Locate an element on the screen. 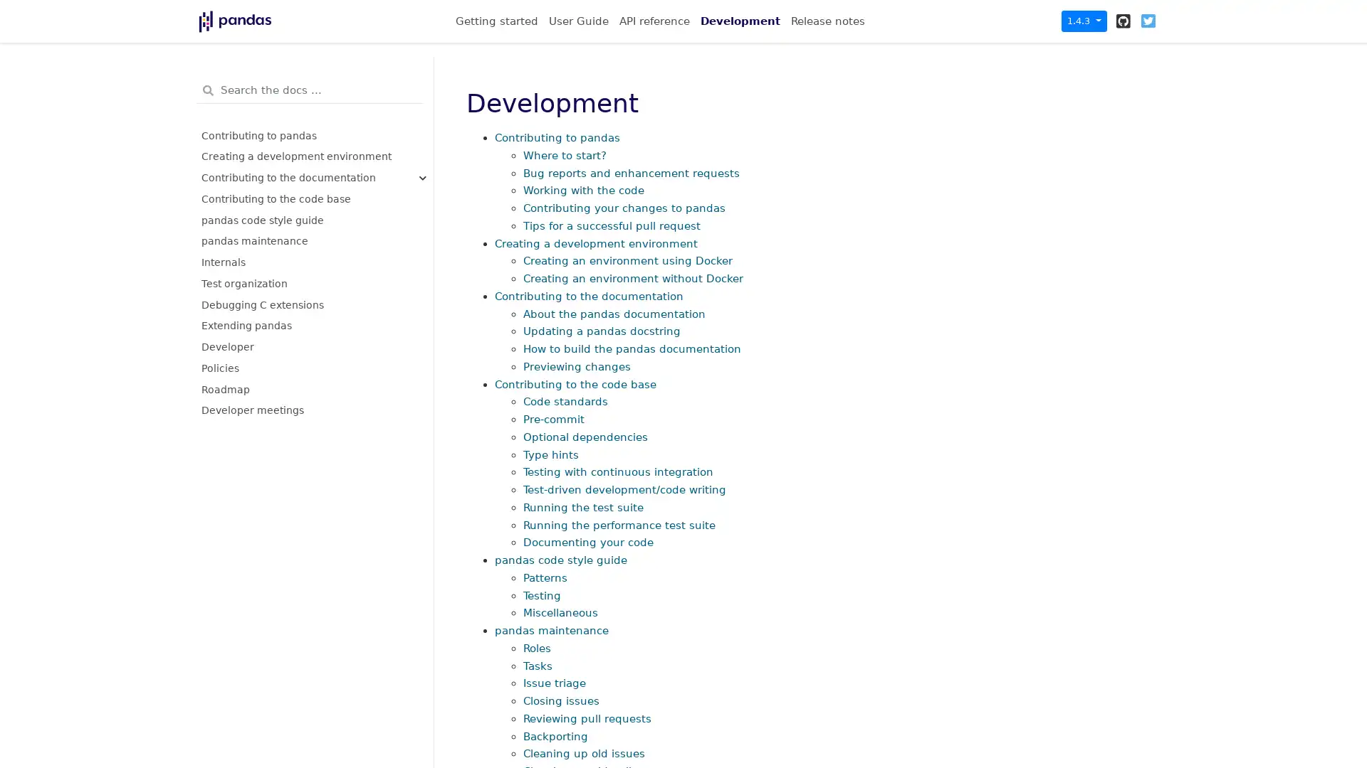  1.4.3 is located at coordinates (1083, 21).